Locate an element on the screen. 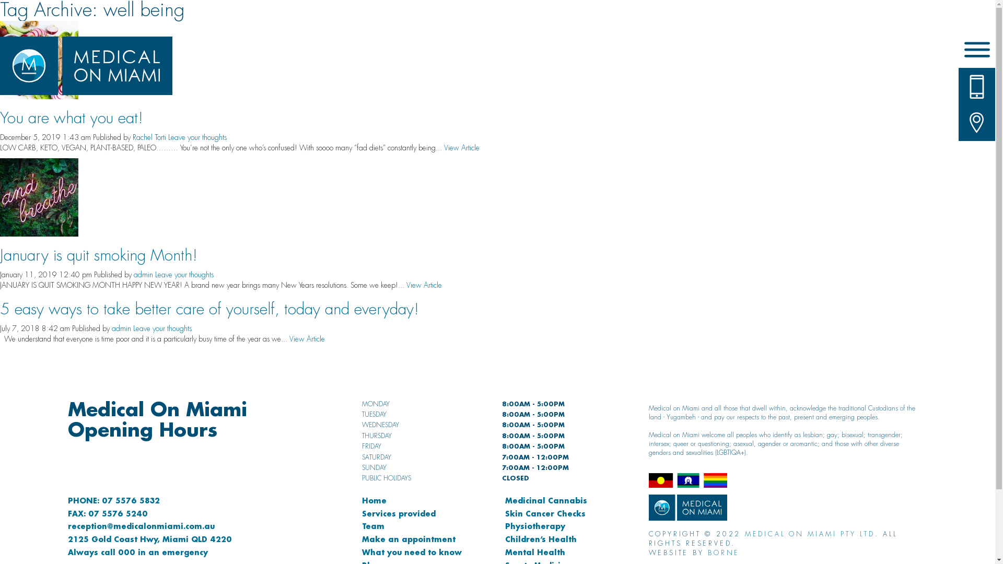 Image resolution: width=1003 pixels, height=564 pixels. 'Team' is located at coordinates (373, 526).